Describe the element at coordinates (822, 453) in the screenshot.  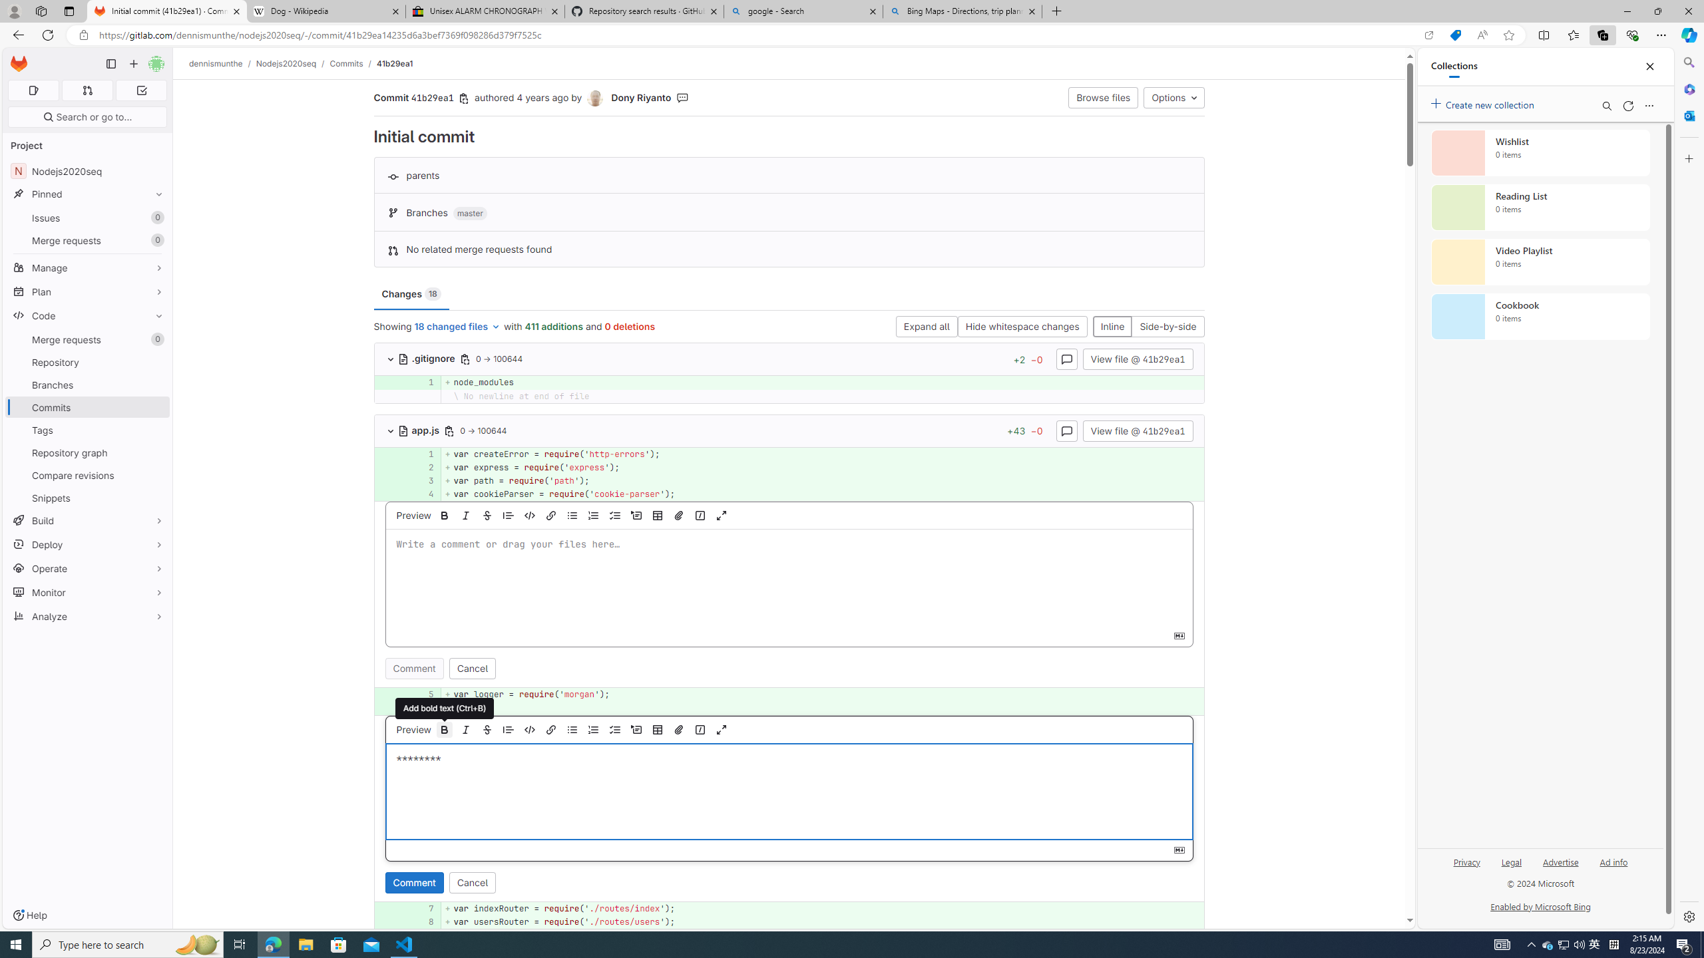
I see `'+ var createError = require('` at that location.